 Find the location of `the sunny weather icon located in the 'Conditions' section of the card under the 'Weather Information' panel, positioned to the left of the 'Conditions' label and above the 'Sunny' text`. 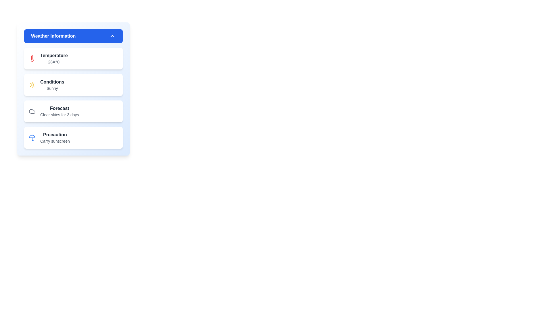

the sunny weather icon located in the 'Conditions' section of the card under the 'Weather Information' panel, positioned to the left of the 'Conditions' label and above the 'Sunny' text is located at coordinates (32, 85).